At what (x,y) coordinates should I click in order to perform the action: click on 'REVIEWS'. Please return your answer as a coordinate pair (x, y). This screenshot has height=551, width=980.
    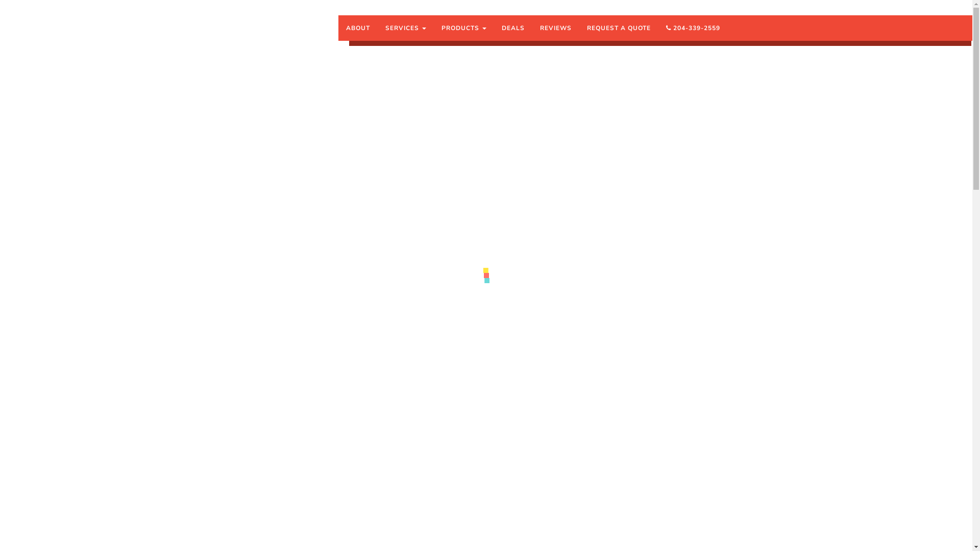
    Looking at the image, I should click on (555, 27).